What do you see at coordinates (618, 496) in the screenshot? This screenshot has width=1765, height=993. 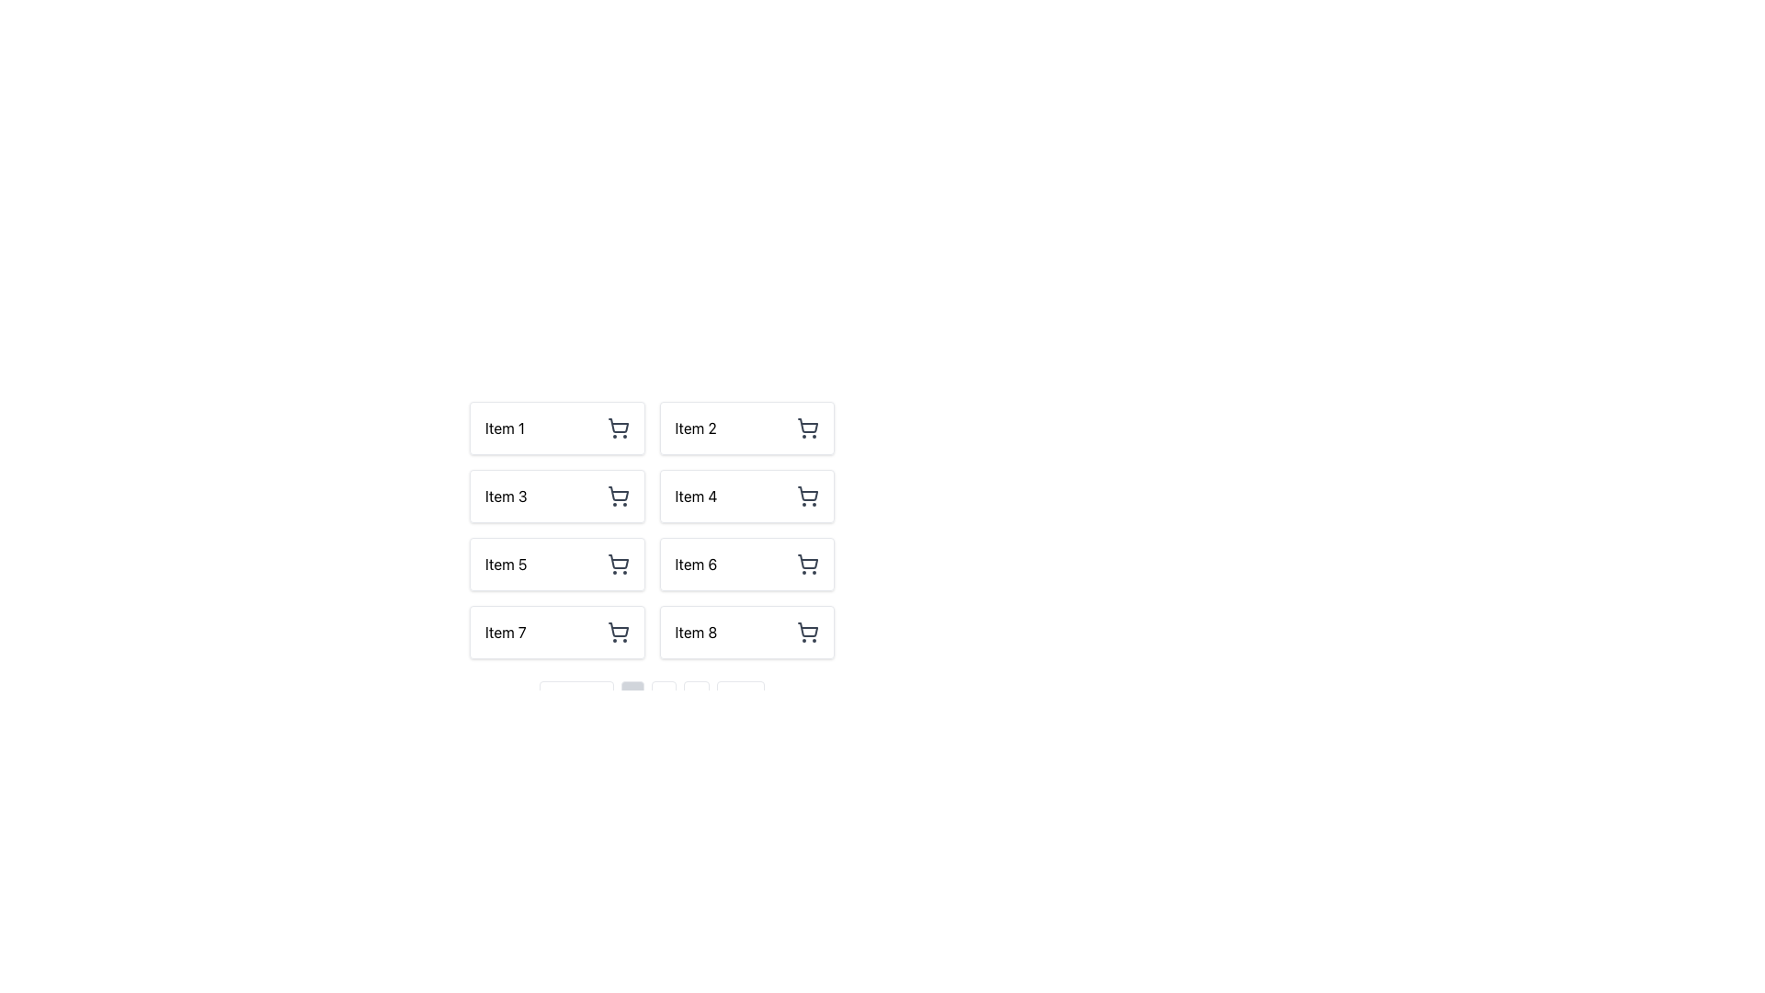 I see `the shopping cart icon located next to 'Item 3'` at bounding box center [618, 496].